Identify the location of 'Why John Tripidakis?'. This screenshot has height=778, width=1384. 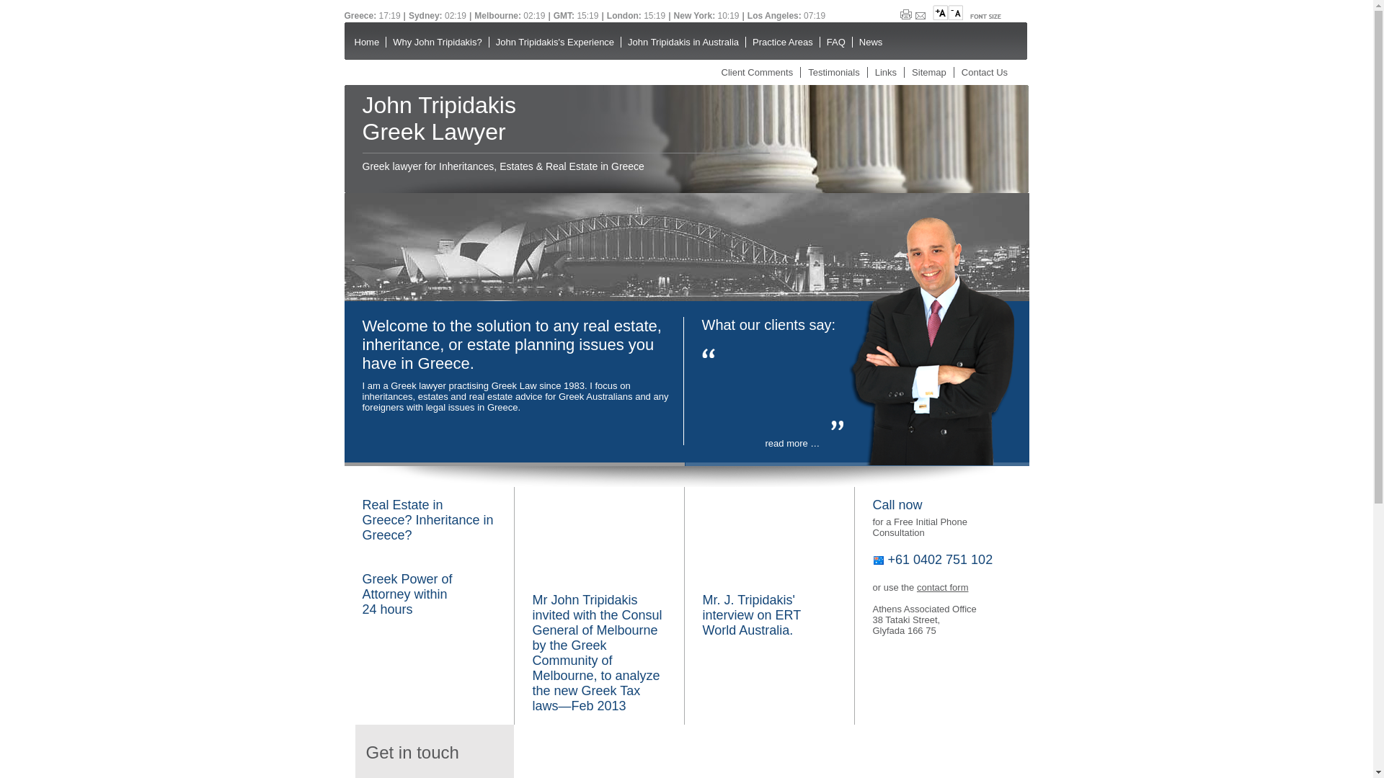
(436, 41).